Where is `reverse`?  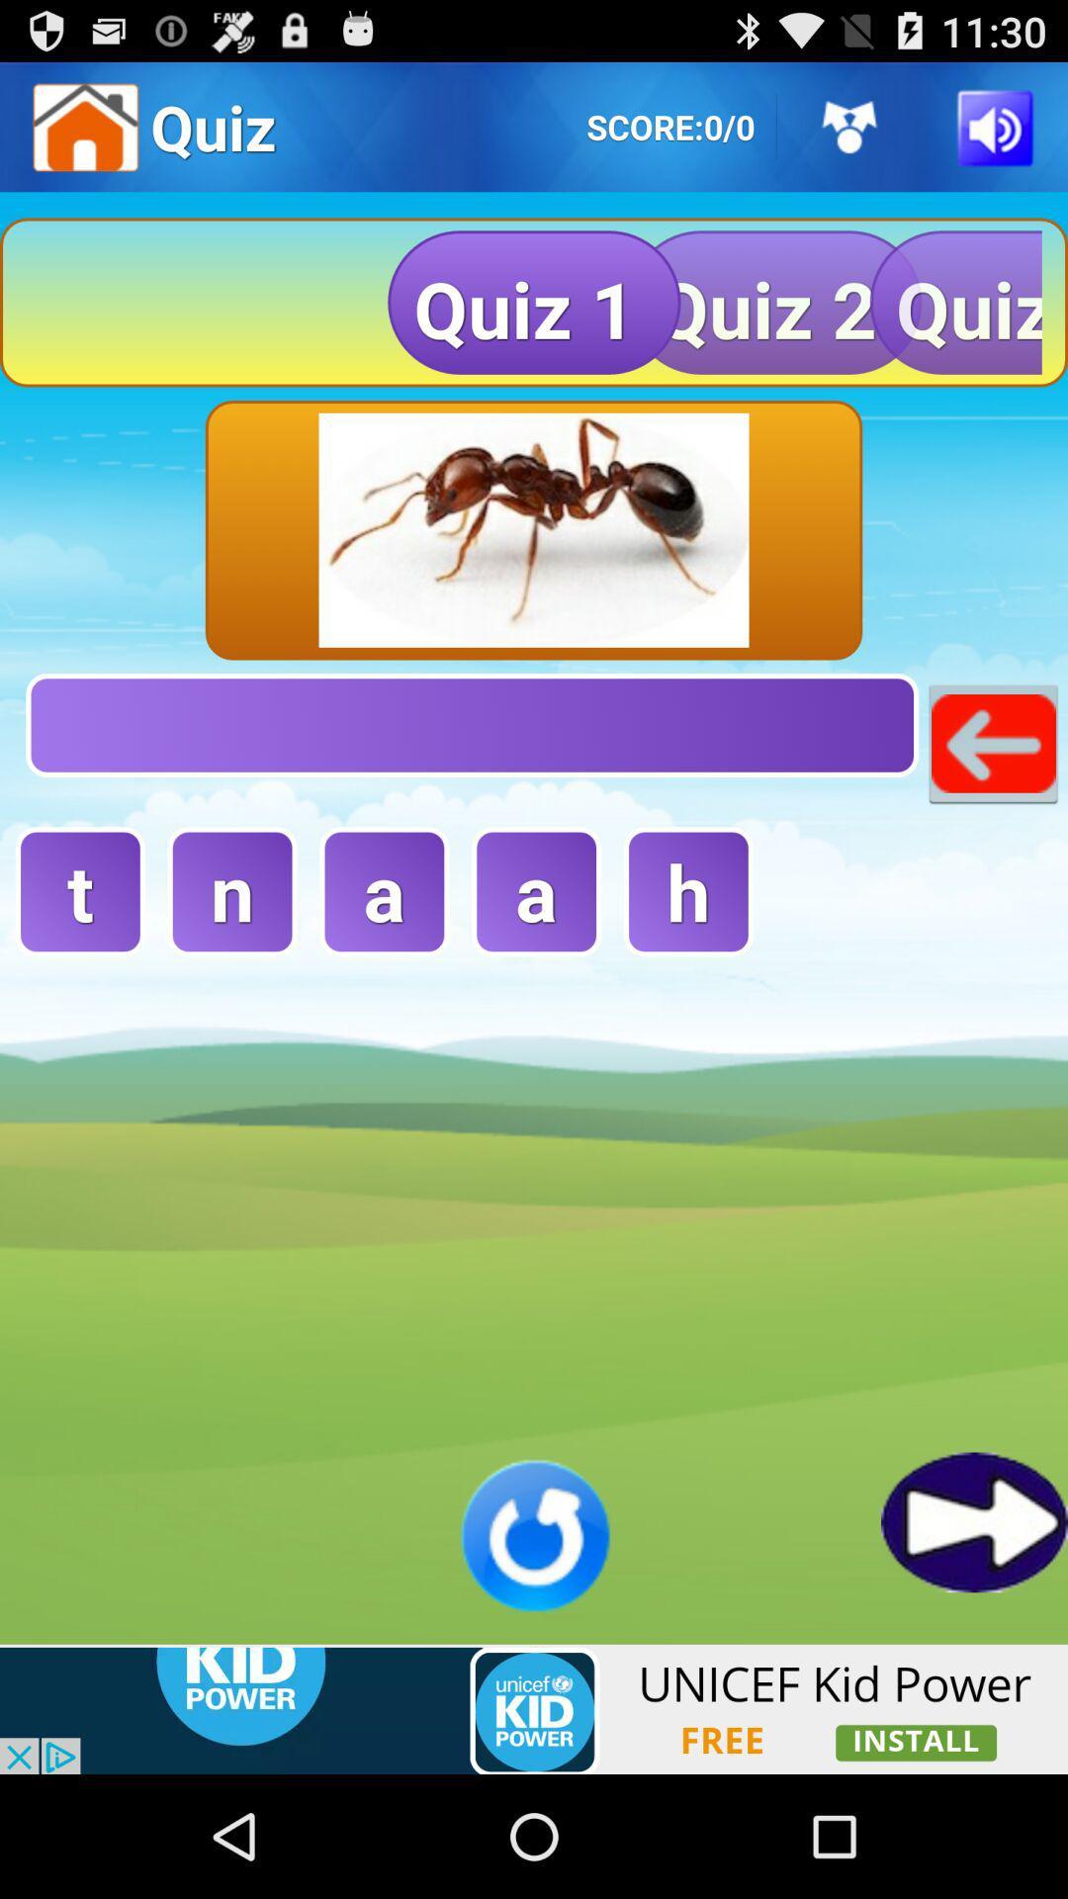
reverse is located at coordinates (534, 1534).